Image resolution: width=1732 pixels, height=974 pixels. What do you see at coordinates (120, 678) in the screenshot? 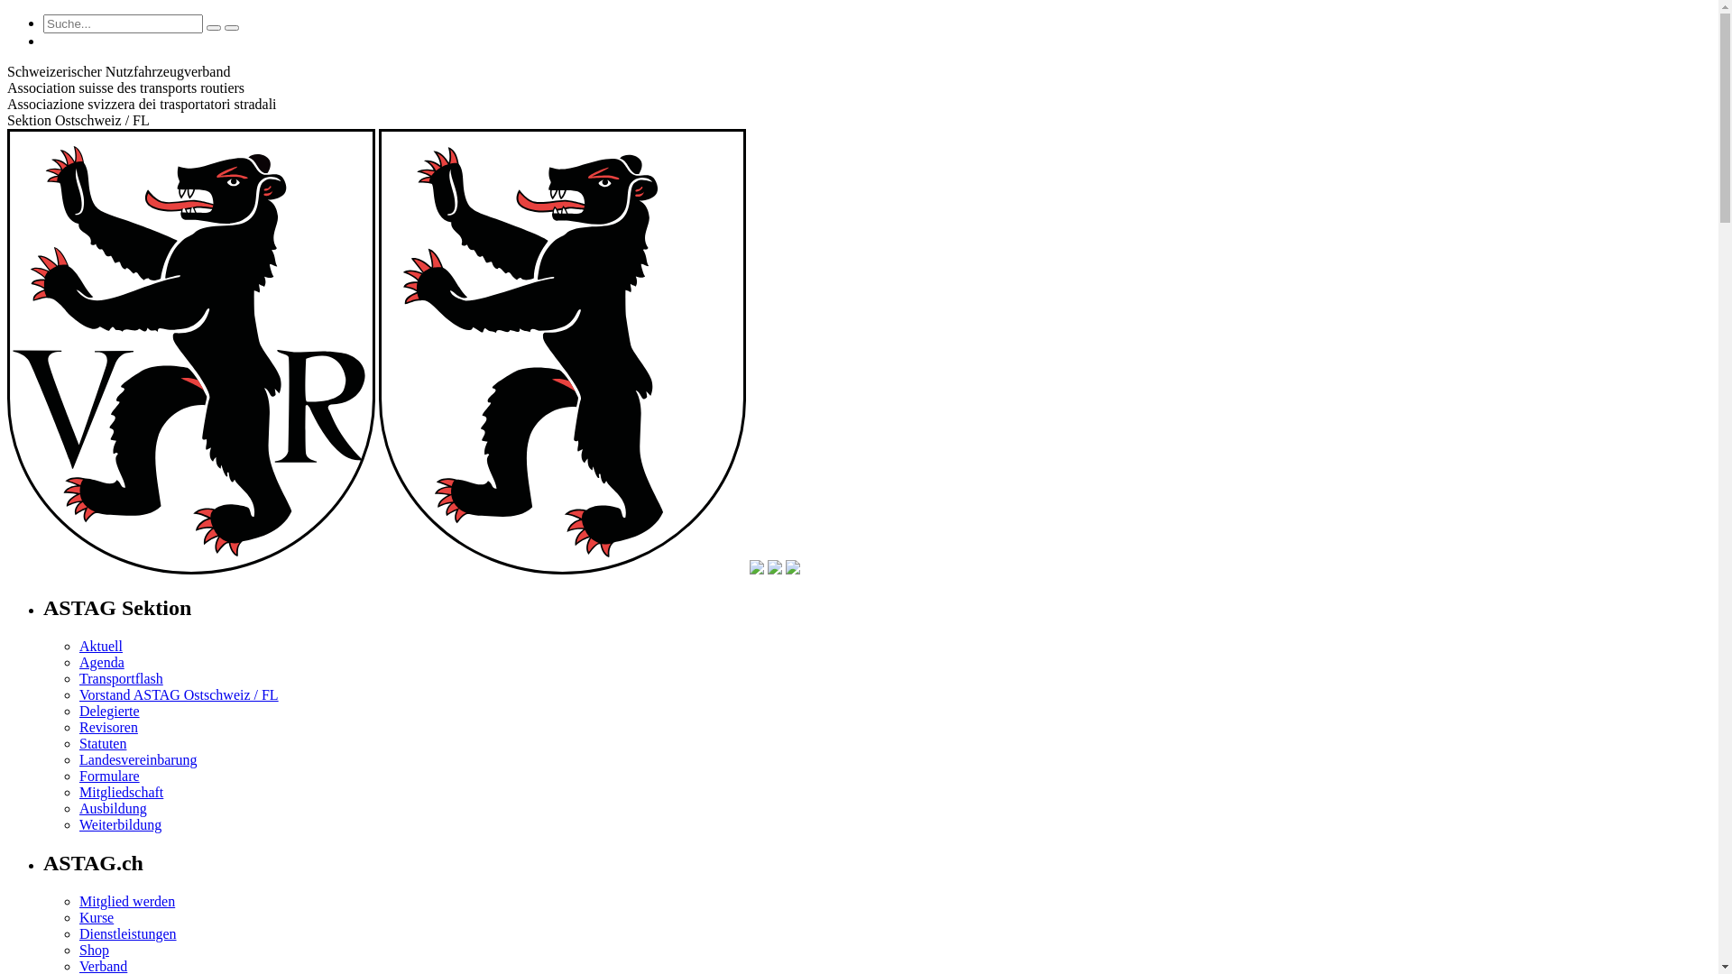
I see `'Transportflash'` at bounding box center [120, 678].